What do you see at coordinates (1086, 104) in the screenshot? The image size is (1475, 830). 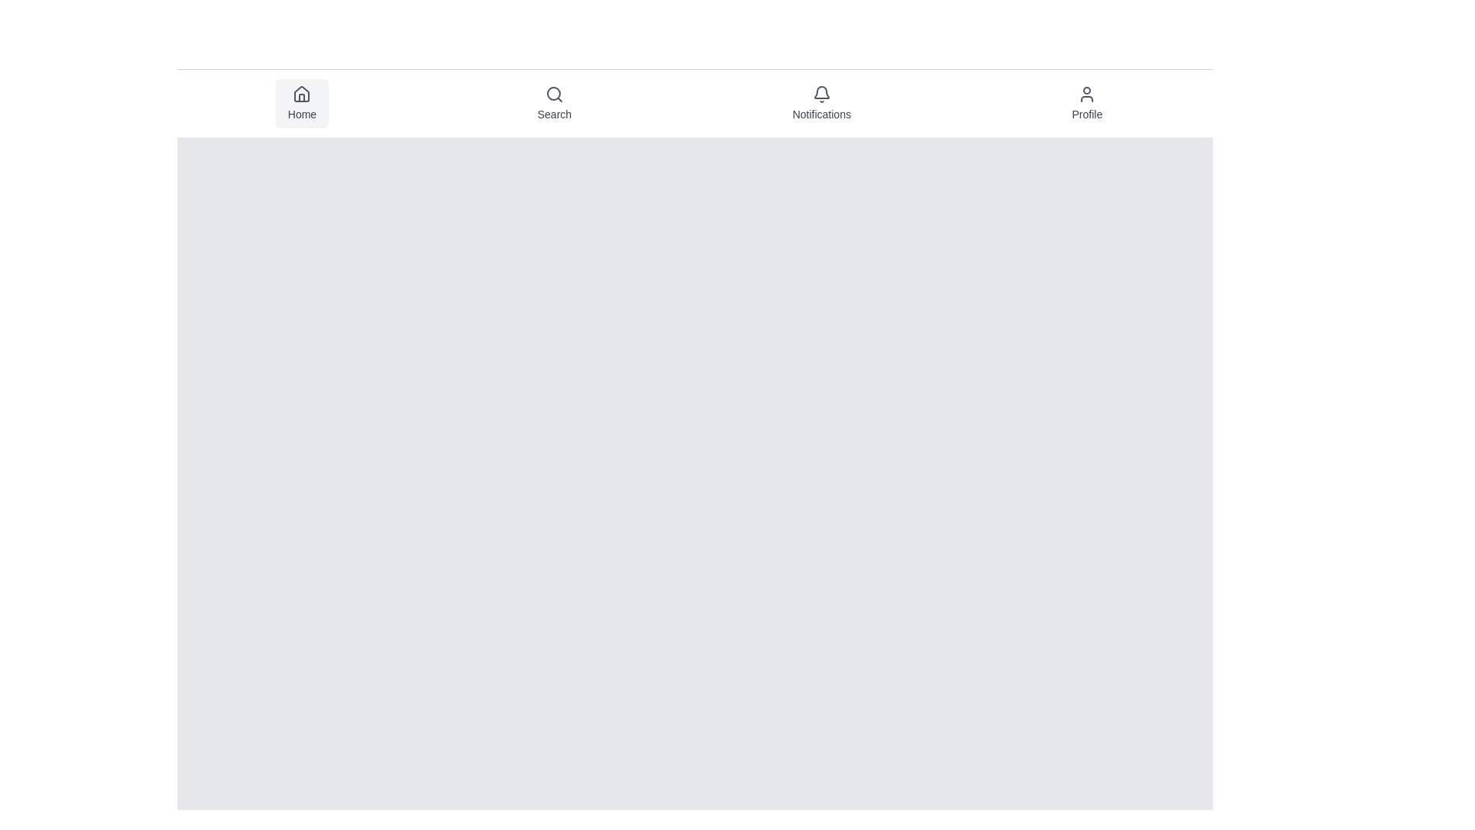 I see `the 'Profile' button` at bounding box center [1086, 104].